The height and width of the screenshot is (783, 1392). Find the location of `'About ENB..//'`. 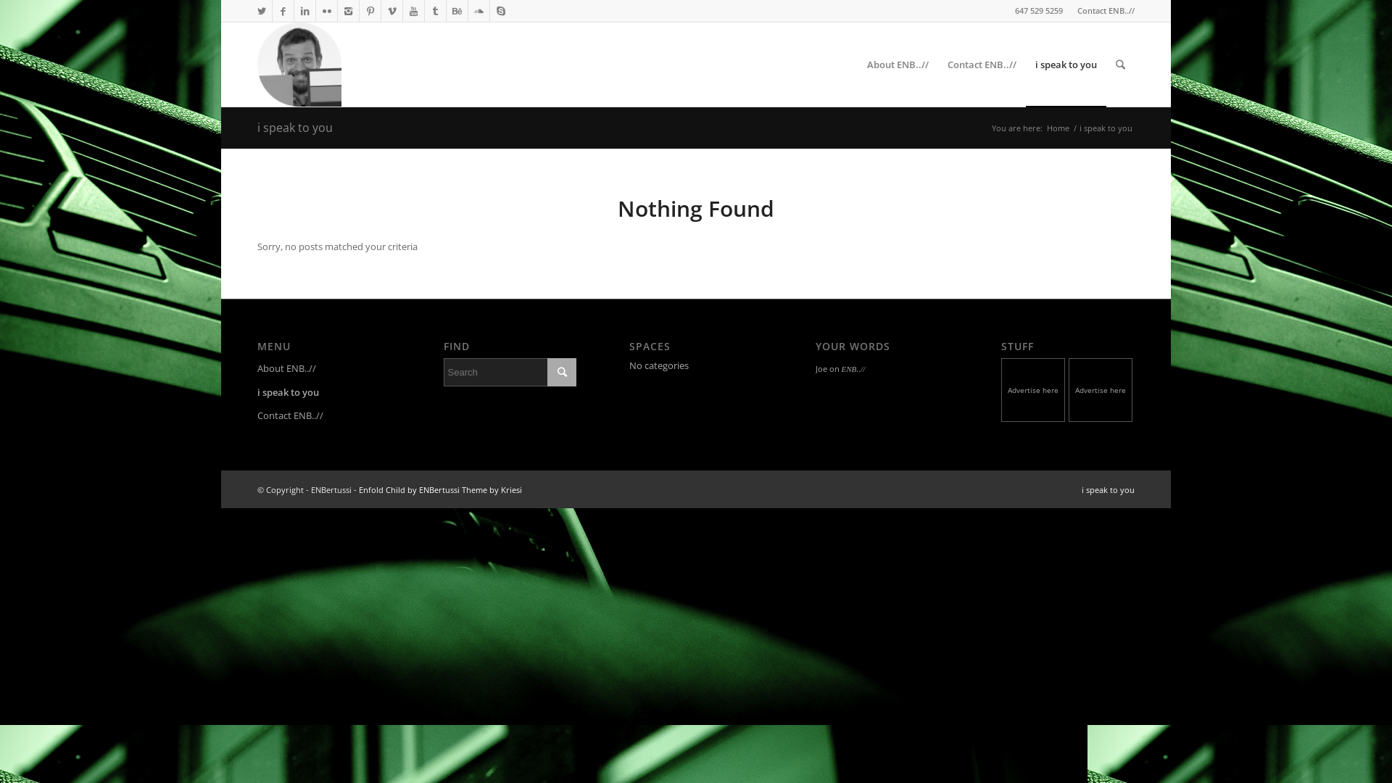

'About ENB..//' is located at coordinates (323, 368).